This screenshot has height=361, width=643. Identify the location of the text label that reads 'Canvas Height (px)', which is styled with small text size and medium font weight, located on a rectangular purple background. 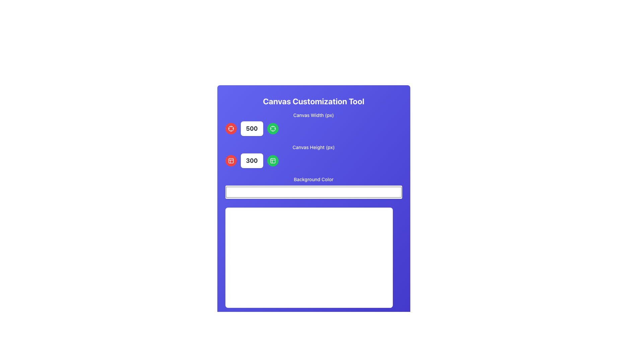
(313, 147).